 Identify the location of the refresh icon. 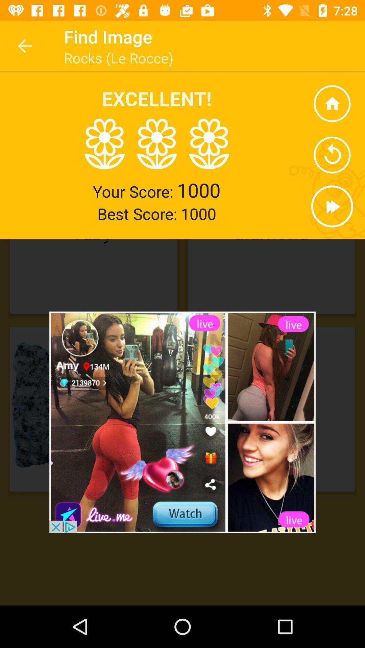
(332, 155).